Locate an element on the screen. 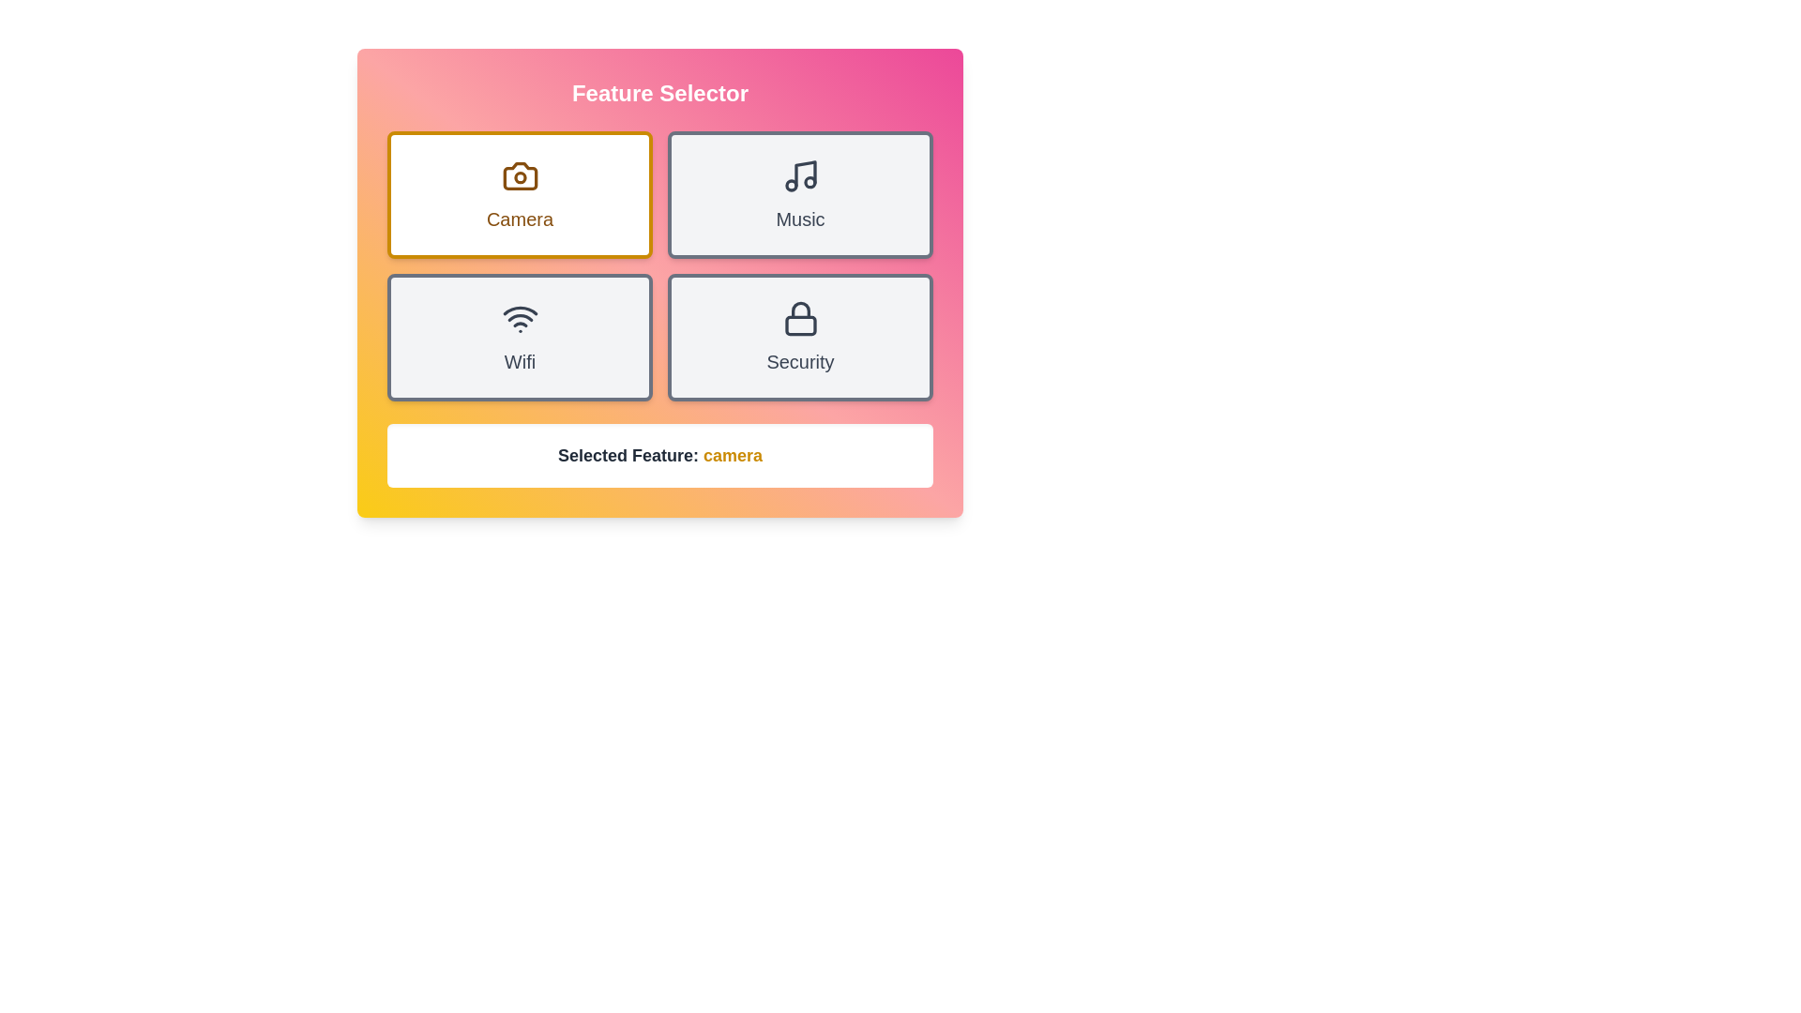  the camera icon located at the top center of the 'Camera' card is located at coordinates (520, 176).